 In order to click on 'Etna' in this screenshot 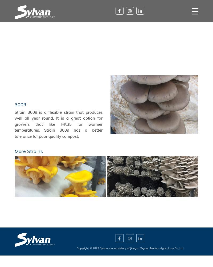, I will do `click(152, 176)`.